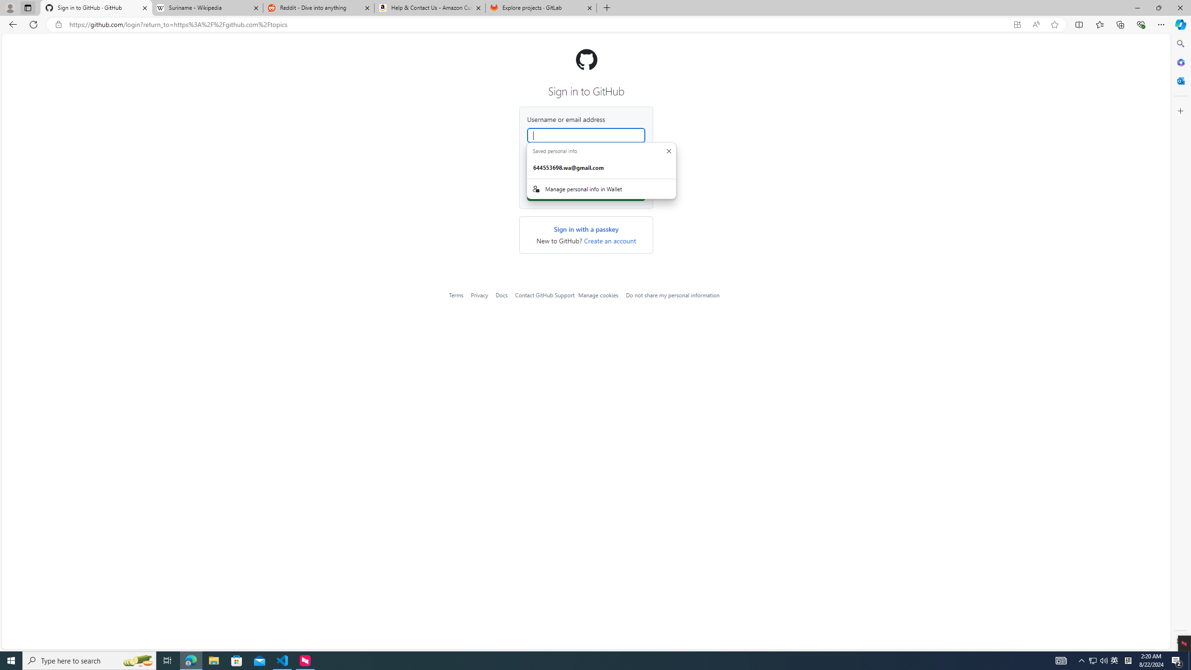 The image size is (1191, 670). I want to click on 'Docs', so click(502, 295).